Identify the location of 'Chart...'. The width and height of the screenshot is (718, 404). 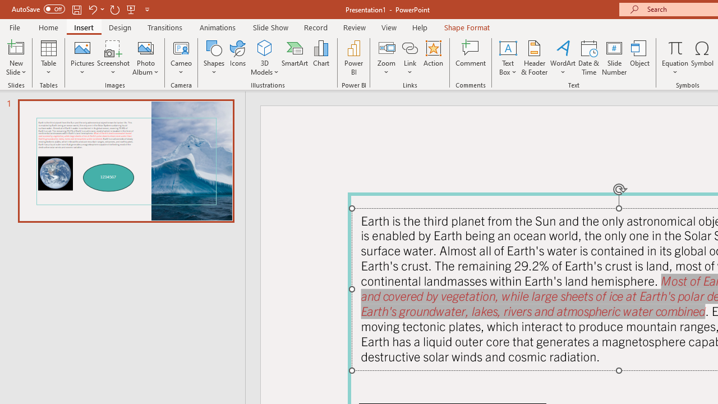
(320, 58).